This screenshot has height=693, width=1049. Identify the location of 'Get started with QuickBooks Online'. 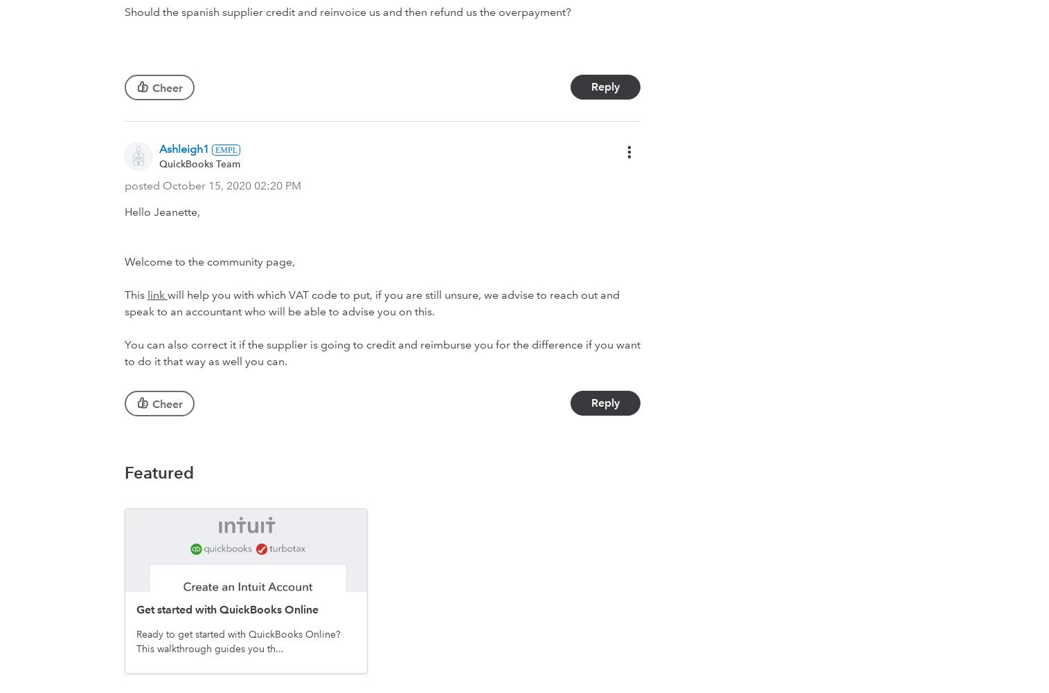
(135, 609).